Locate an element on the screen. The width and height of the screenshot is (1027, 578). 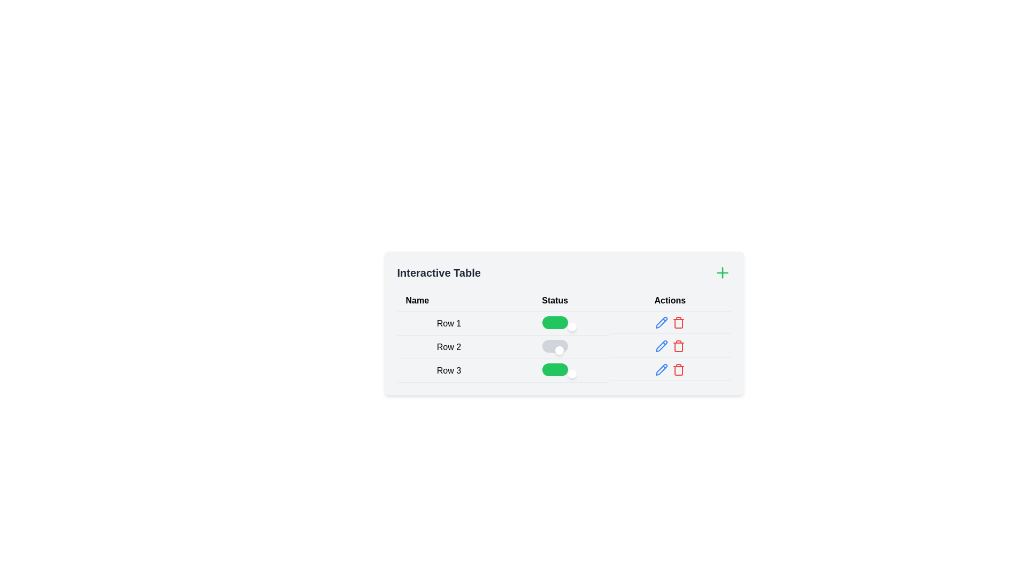
the small circular toggle handle located at the far right of the toggle switch in the 'Status' column of 'Row 3' is located at coordinates (571, 373).